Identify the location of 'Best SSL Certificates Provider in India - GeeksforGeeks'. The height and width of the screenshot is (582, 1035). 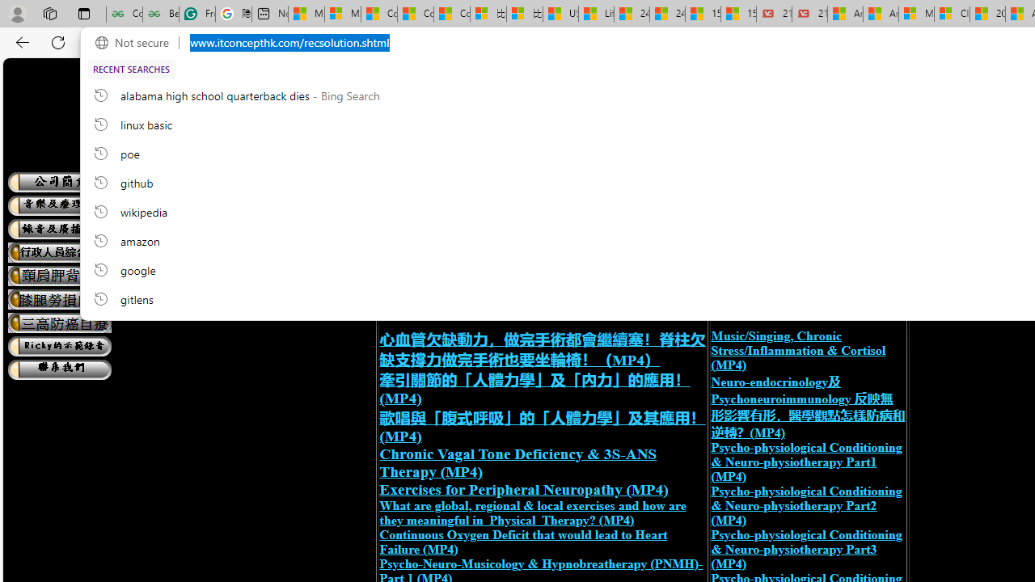
(161, 14).